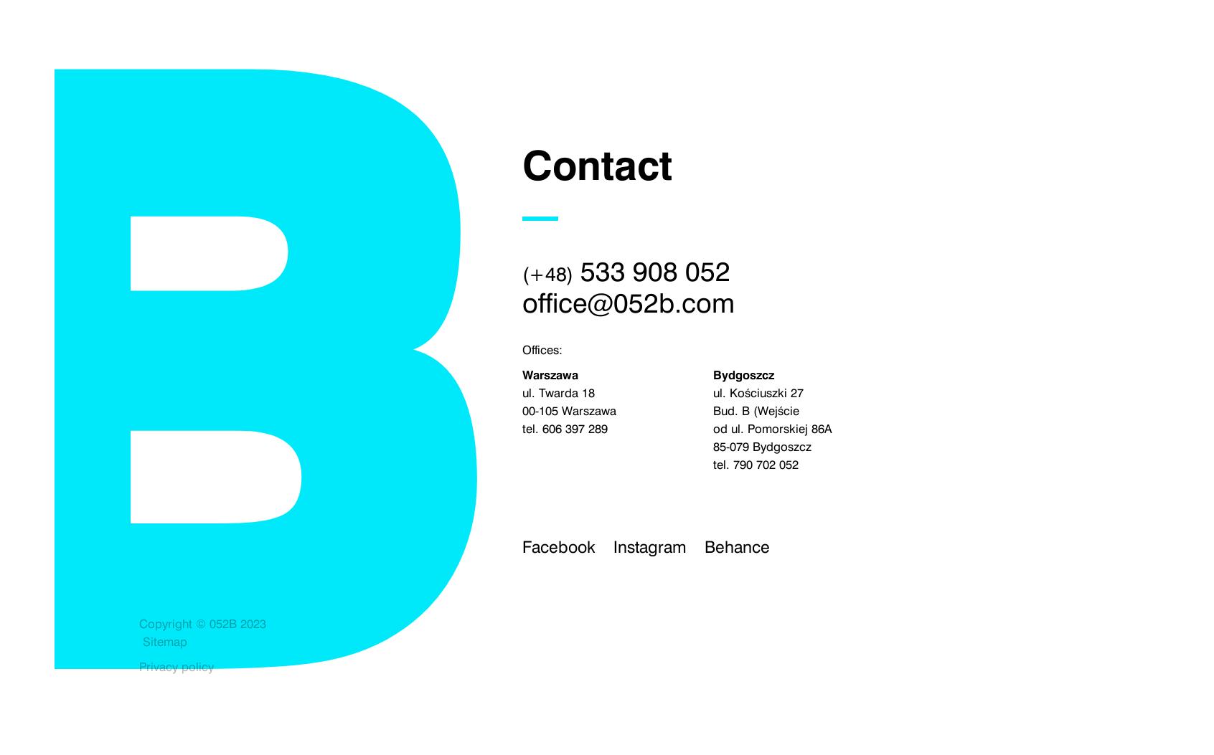 The height and width of the screenshot is (755, 1214). I want to click on 'Bydgoszcz', so click(743, 374).